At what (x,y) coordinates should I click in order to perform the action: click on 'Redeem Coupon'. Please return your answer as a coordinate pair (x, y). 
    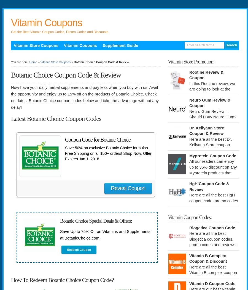
    Looking at the image, I should click on (79, 250).